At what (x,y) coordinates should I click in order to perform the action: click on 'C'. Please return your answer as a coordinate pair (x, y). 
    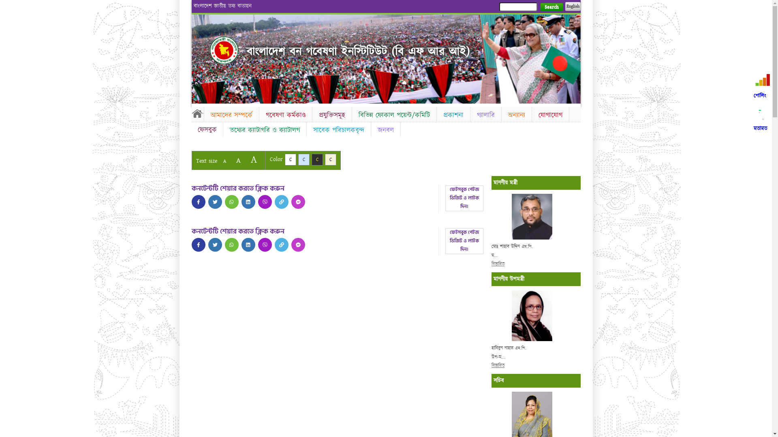
    Looking at the image, I should click on (331, 159).